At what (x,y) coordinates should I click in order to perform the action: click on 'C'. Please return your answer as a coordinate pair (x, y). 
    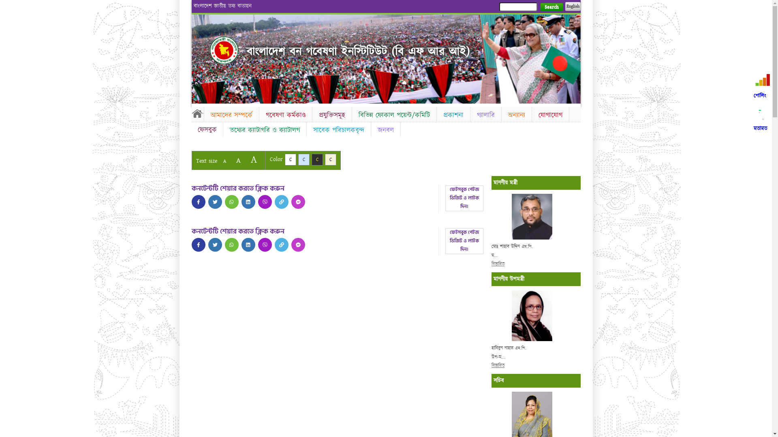
    Looking at the image, I should click on (331, 159).